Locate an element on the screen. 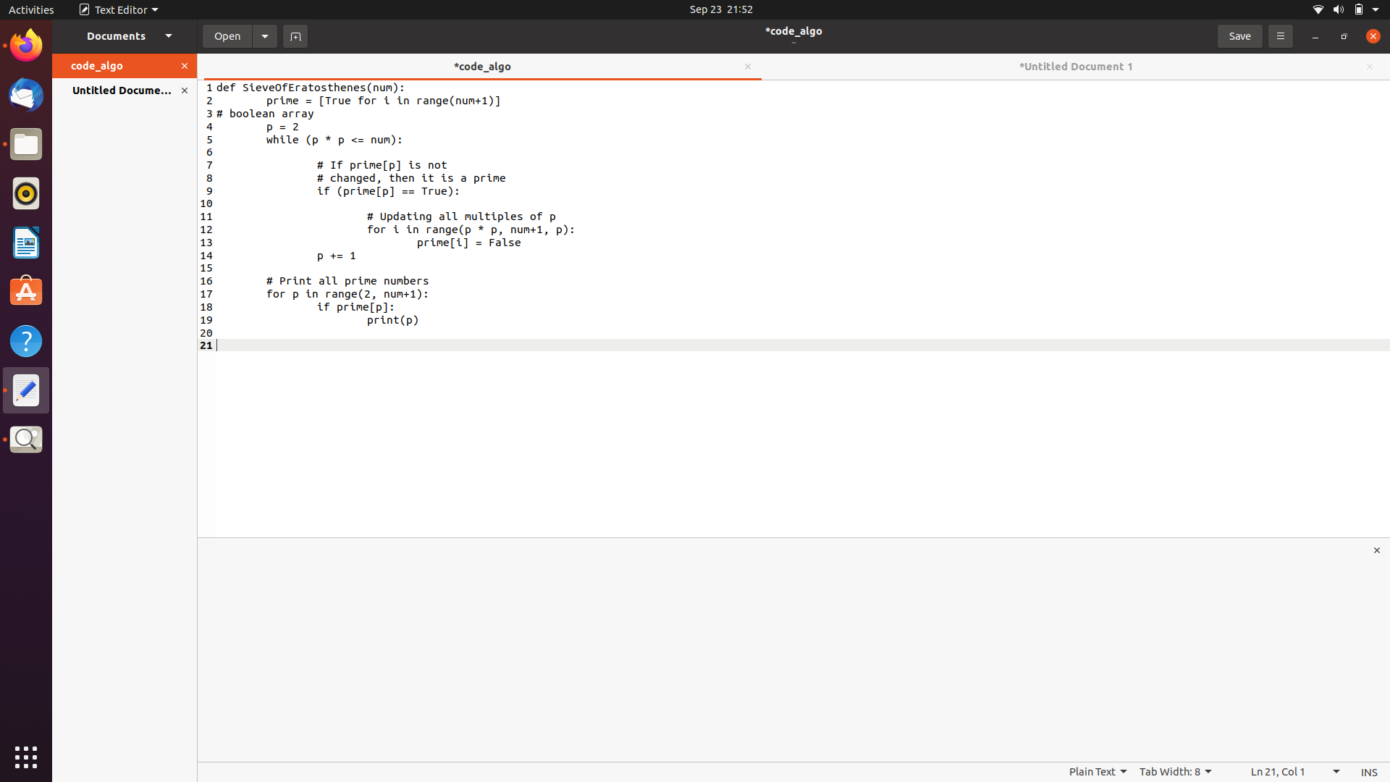 This screenshot has height=782, width=1390. save to store the document is located at coordinates (1239, 34).